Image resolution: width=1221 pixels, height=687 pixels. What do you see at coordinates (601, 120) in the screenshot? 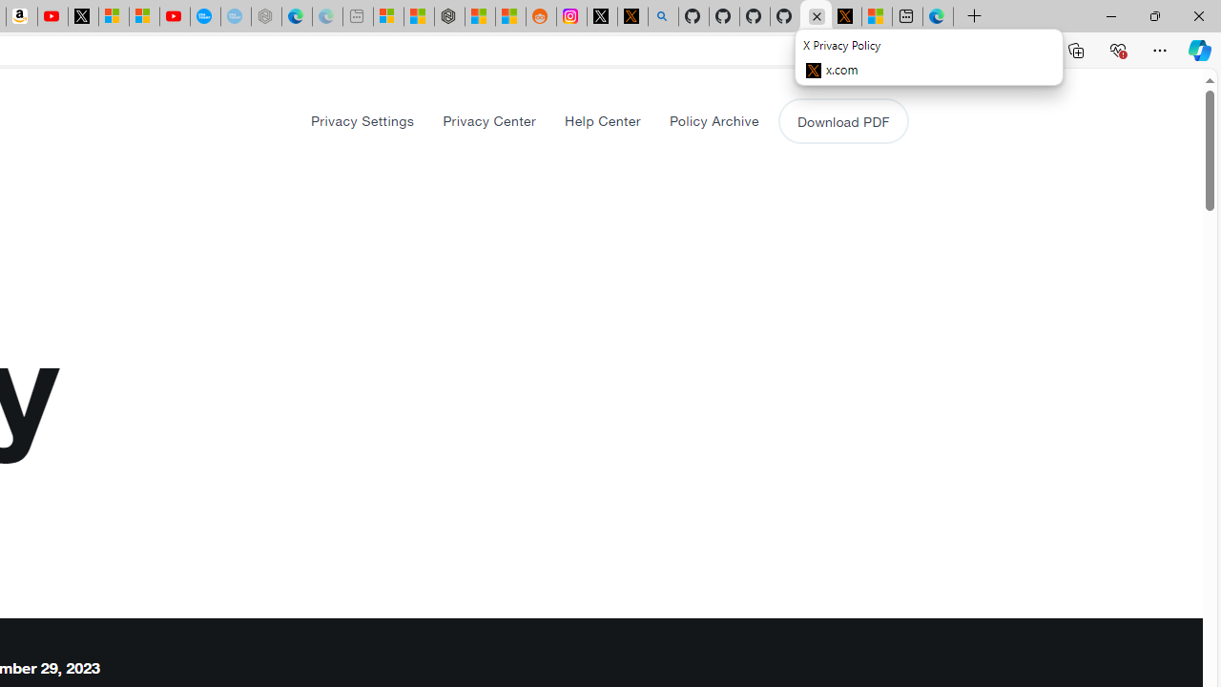
I see `'Help Center'` at bounding box center [601, 120].